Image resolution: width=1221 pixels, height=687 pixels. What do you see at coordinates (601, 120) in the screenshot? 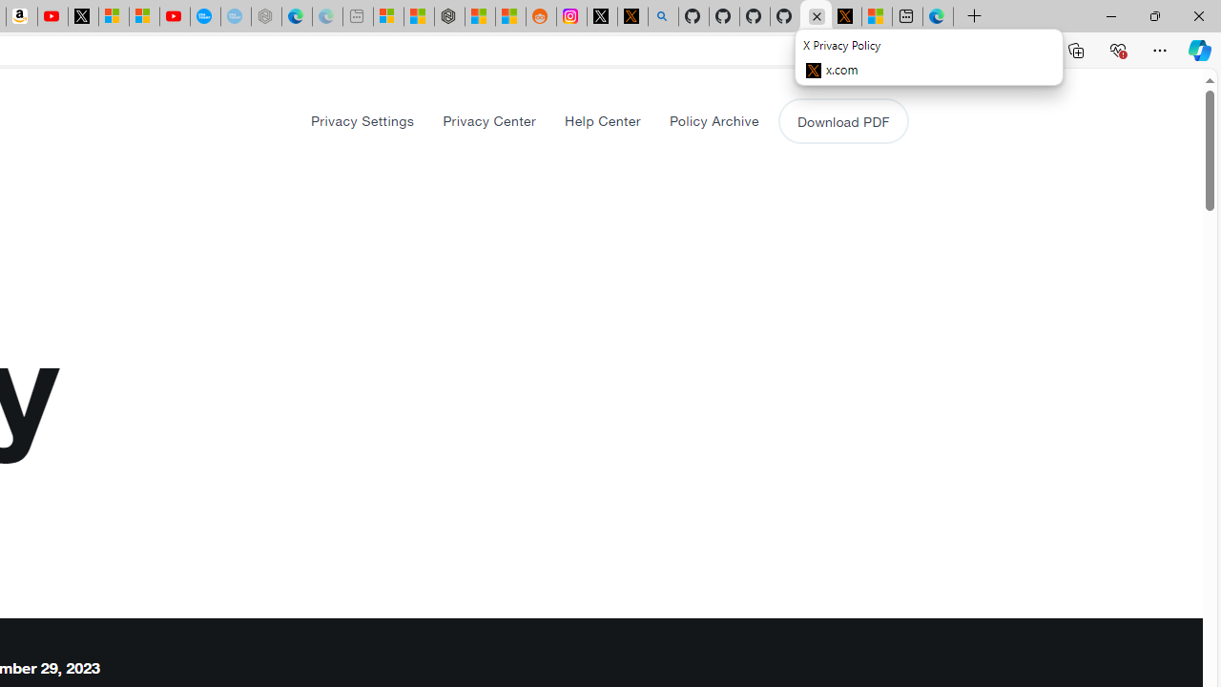
I see `'Help Center'` at bounding box center [601, 120].